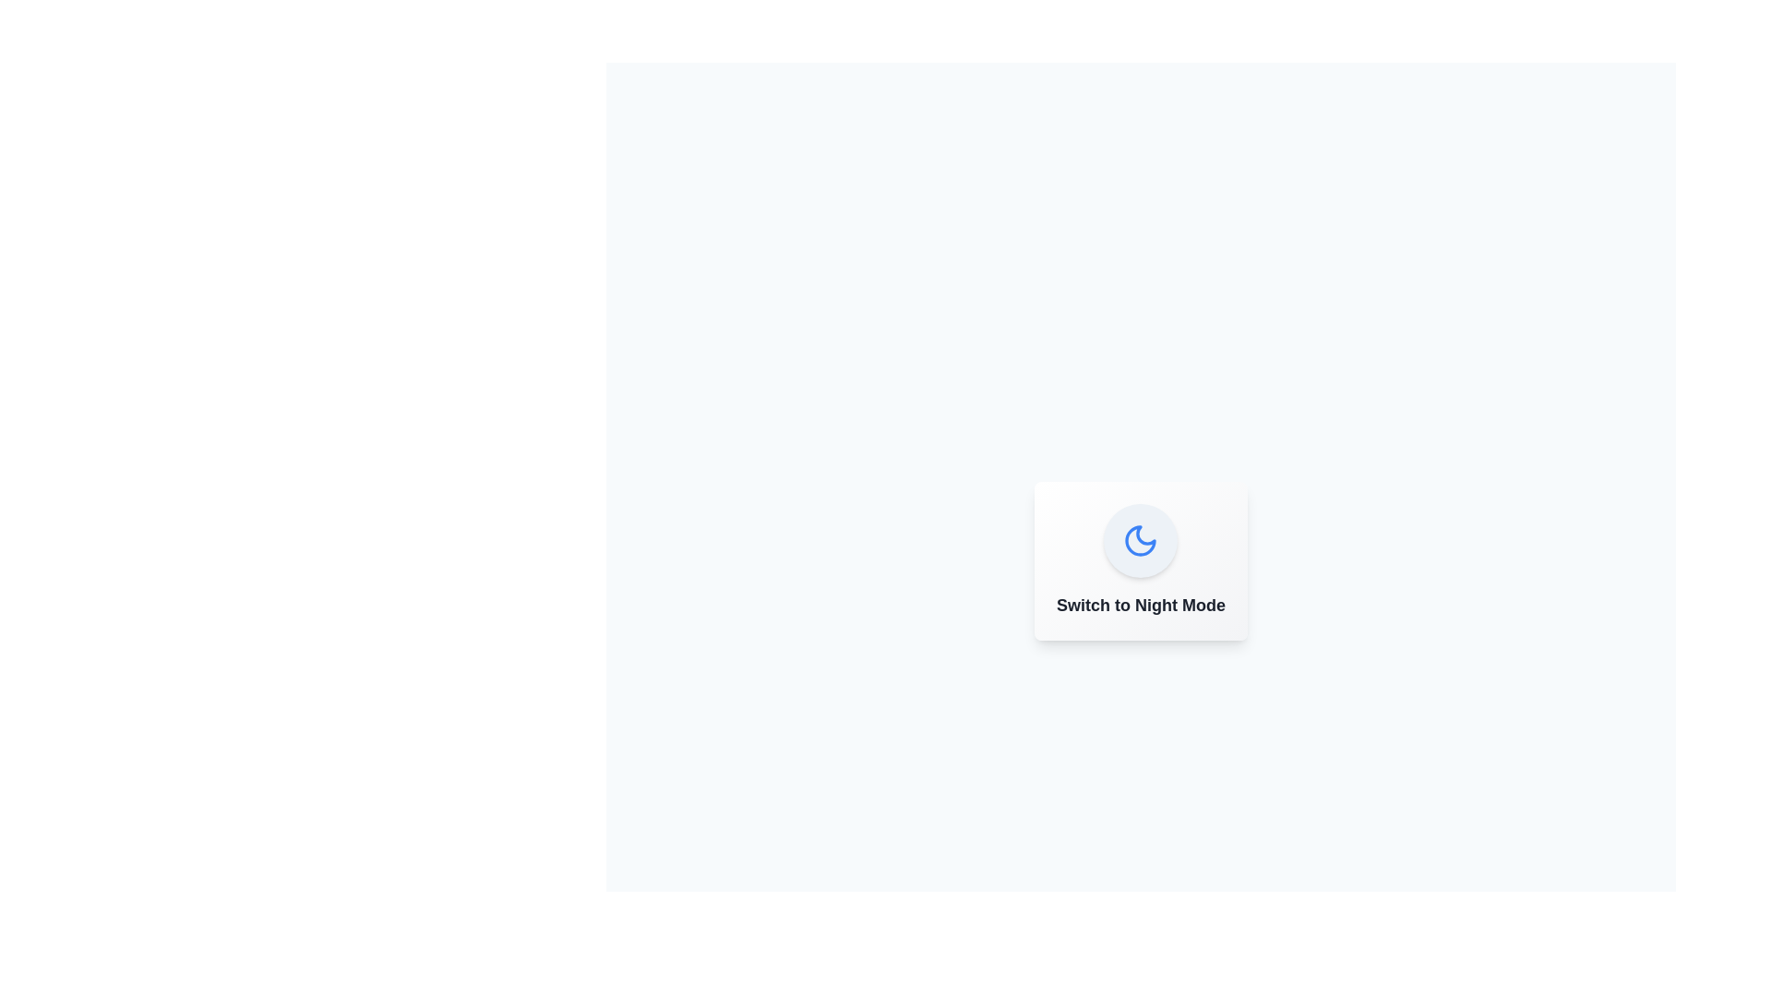  Describe the element at coordinates (1140, 540) in the screenshot. I see `the button to observe visual feedback` at that location.